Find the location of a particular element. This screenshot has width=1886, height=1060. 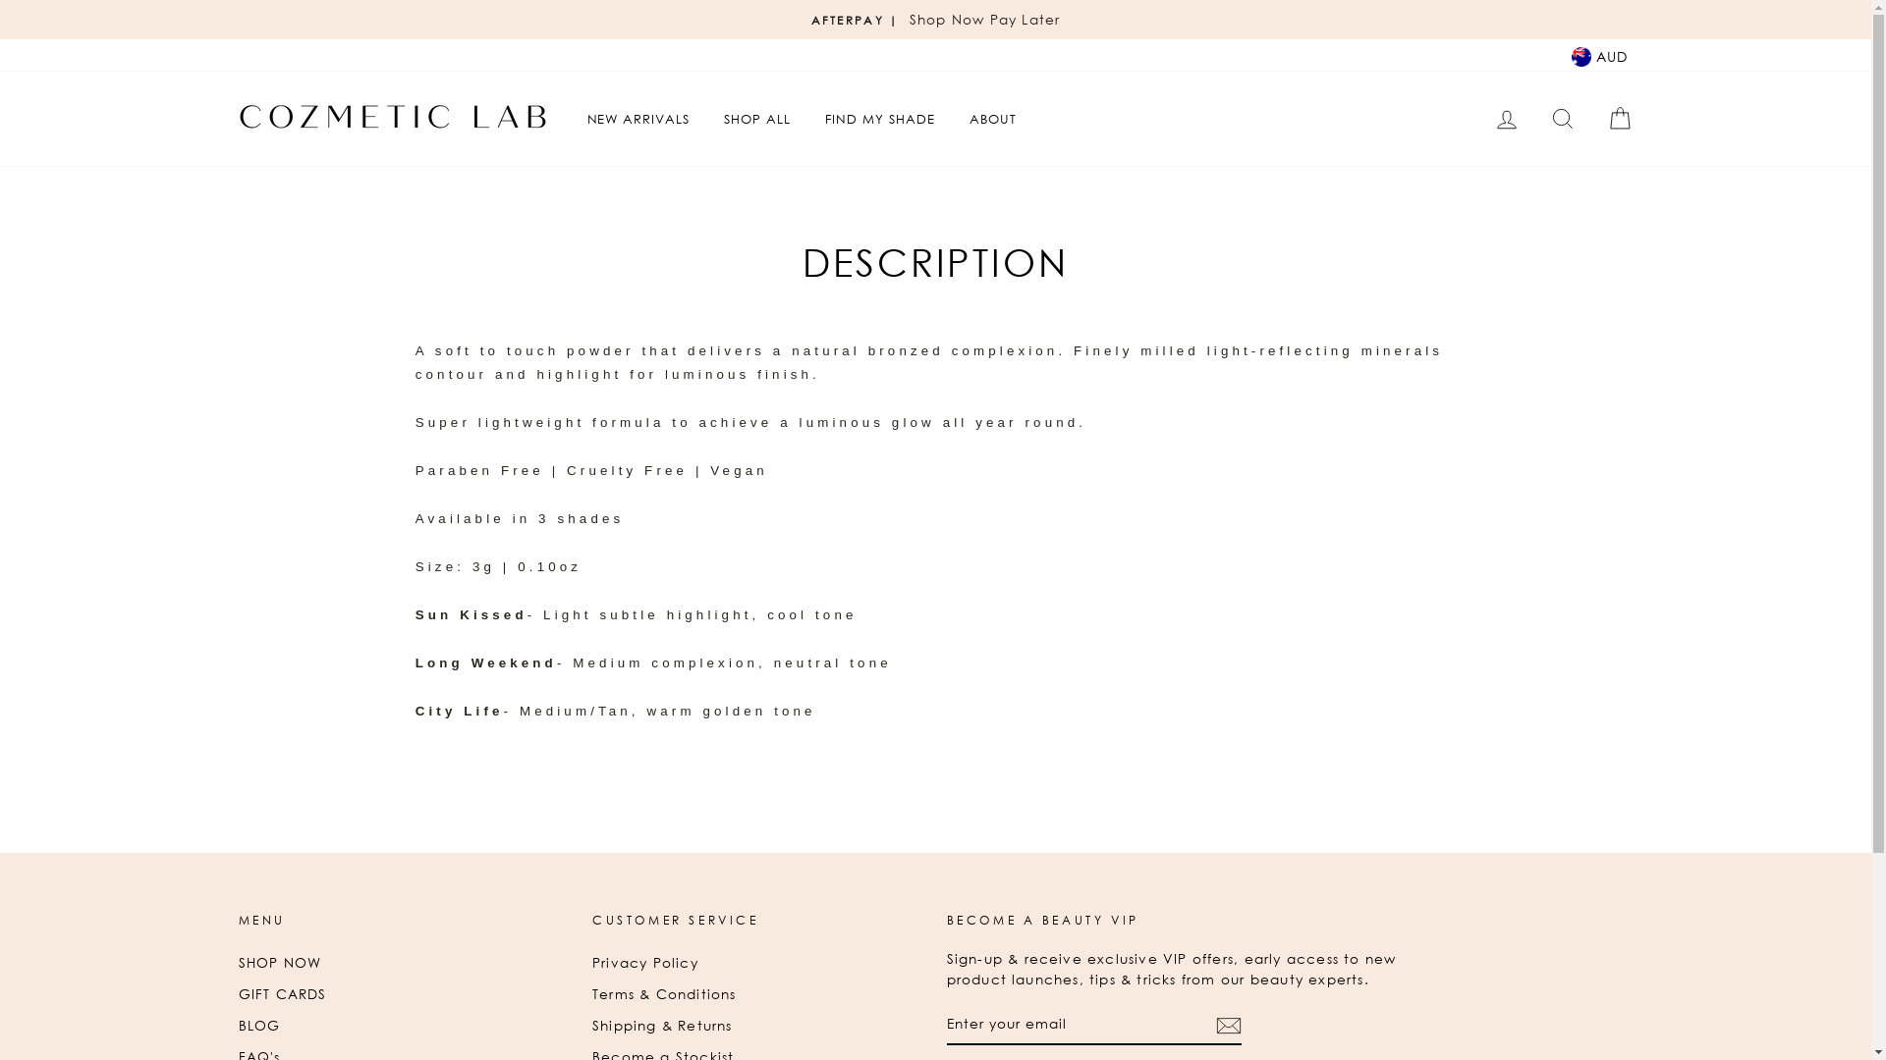

'ABOUT' is located at coordinates (993, 118).